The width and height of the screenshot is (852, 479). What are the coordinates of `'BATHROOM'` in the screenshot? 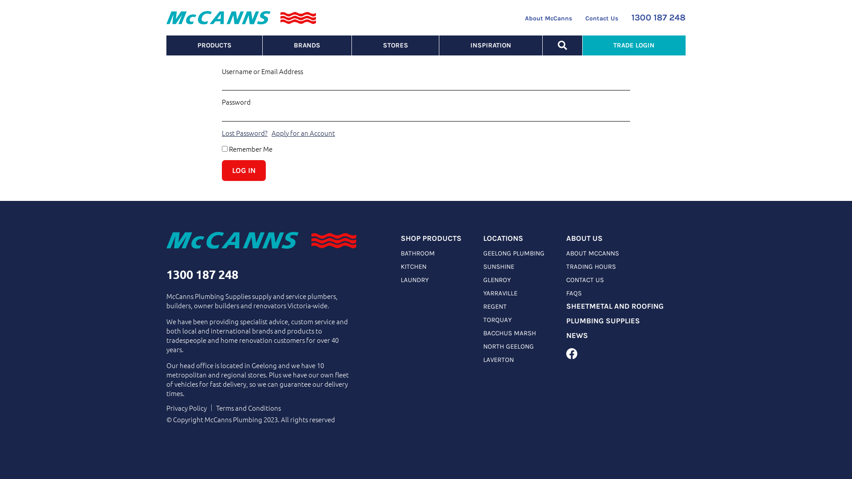 It's located at (417, 253).